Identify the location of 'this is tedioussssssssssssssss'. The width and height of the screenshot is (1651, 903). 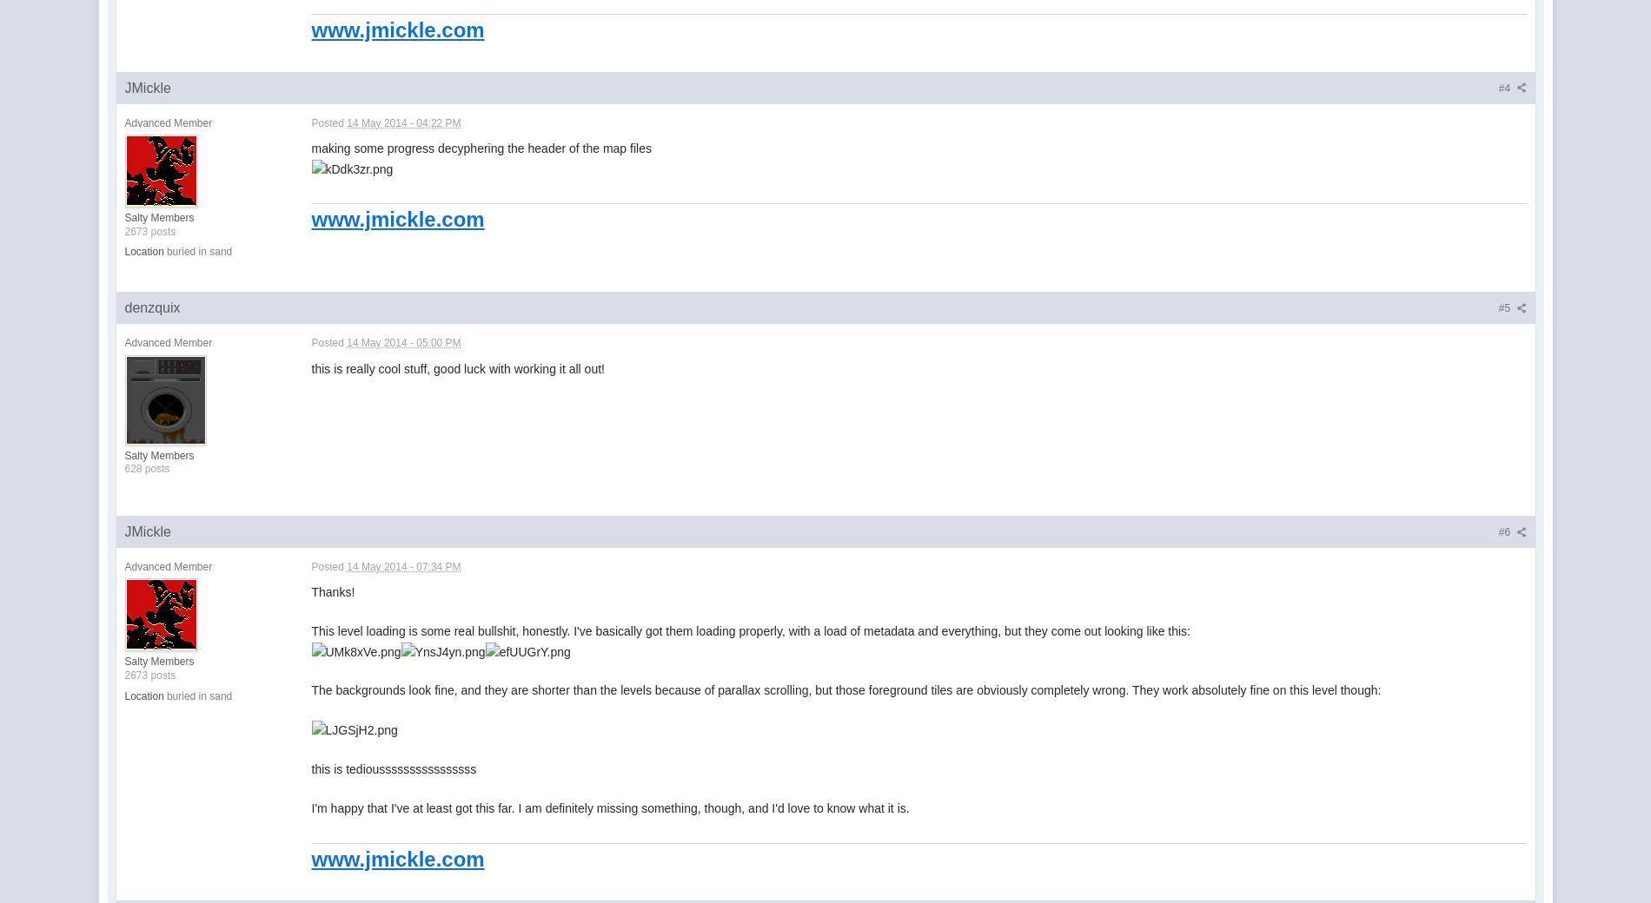
(392, 768).